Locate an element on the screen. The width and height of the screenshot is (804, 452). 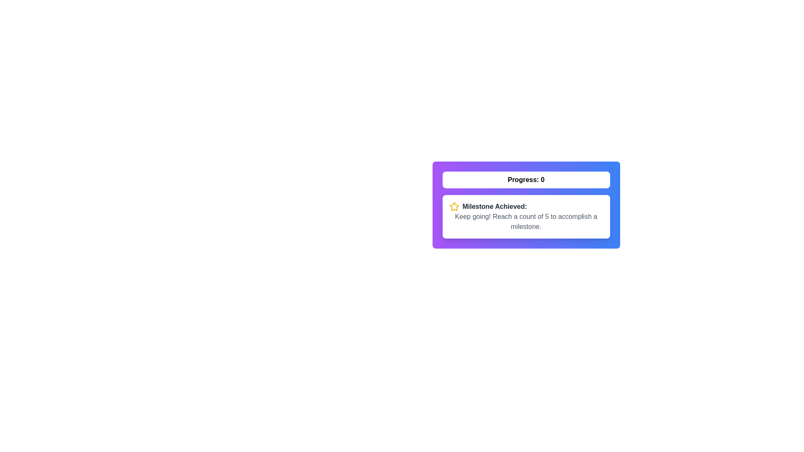
the decorative star-shaped icon that emphasizes achievement milestones, located in the left section of the achievement-related text block is located at coordinates (454, 206).